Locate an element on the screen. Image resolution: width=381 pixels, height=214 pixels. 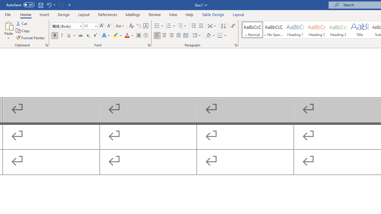
'Justify' is located at coordinates (178, 35).